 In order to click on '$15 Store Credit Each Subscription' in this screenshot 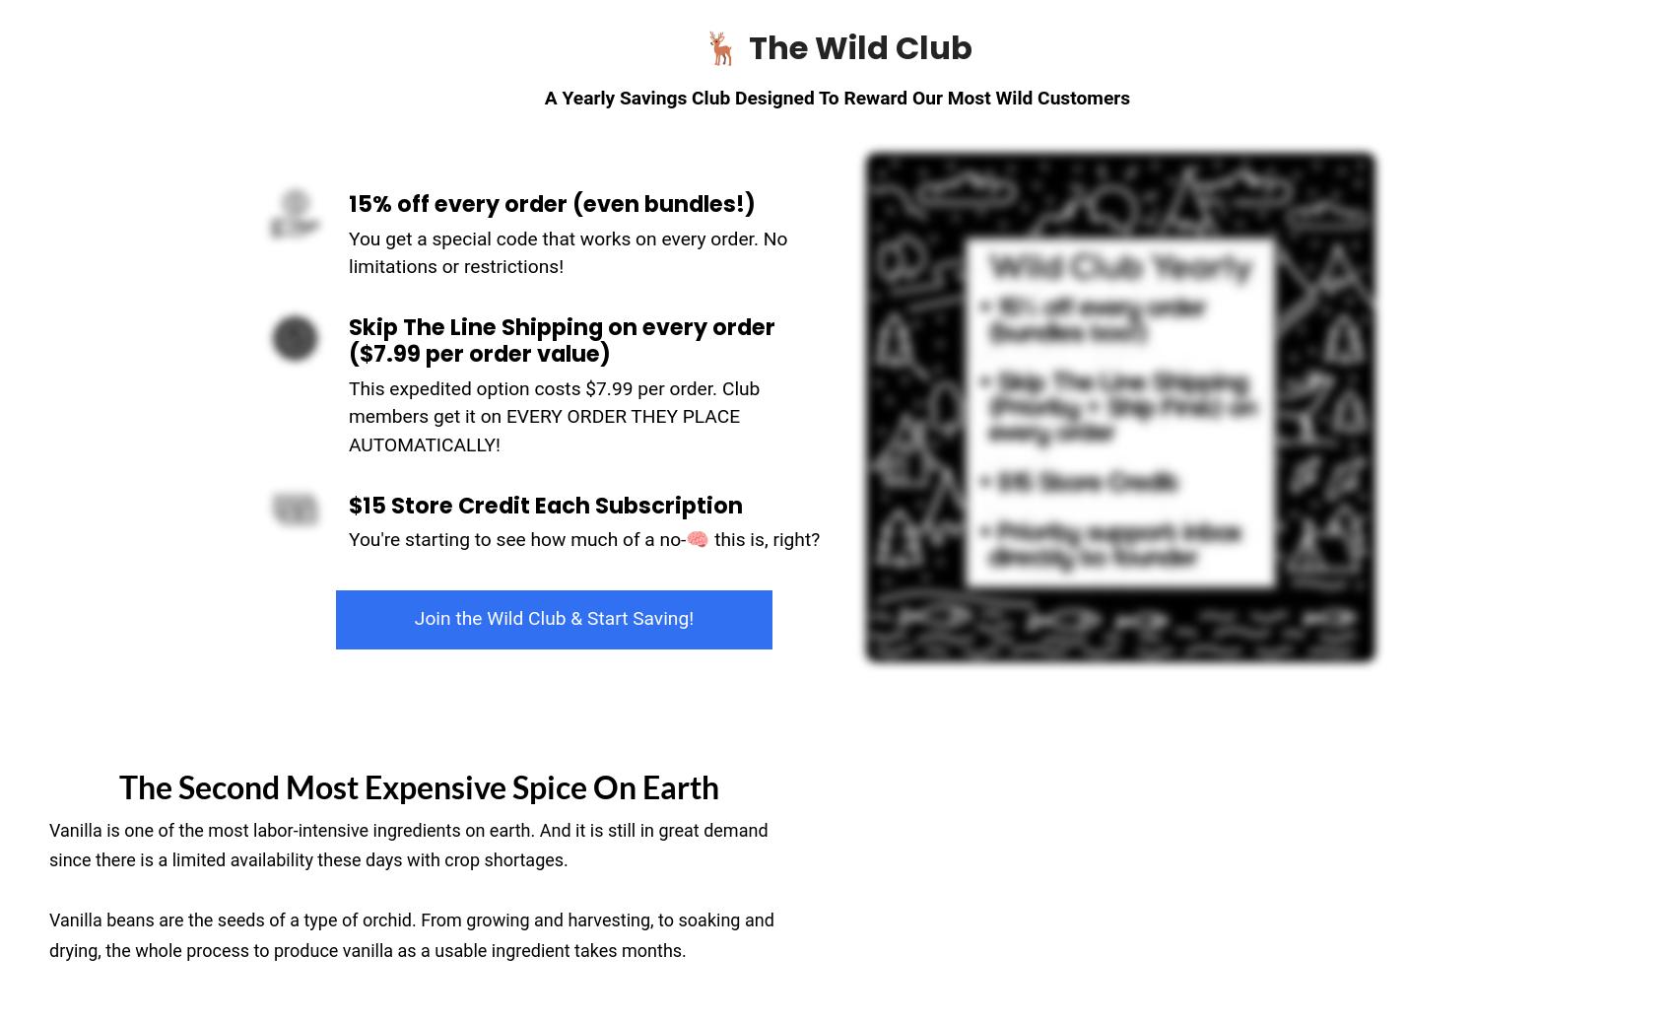, I will do `click(545, 503)`.